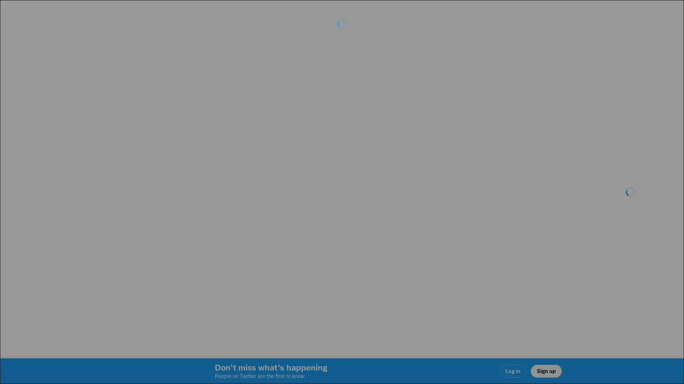  Describe the element at coordinates (257, 242) in the screenshot. I see `Sign up` at that location.